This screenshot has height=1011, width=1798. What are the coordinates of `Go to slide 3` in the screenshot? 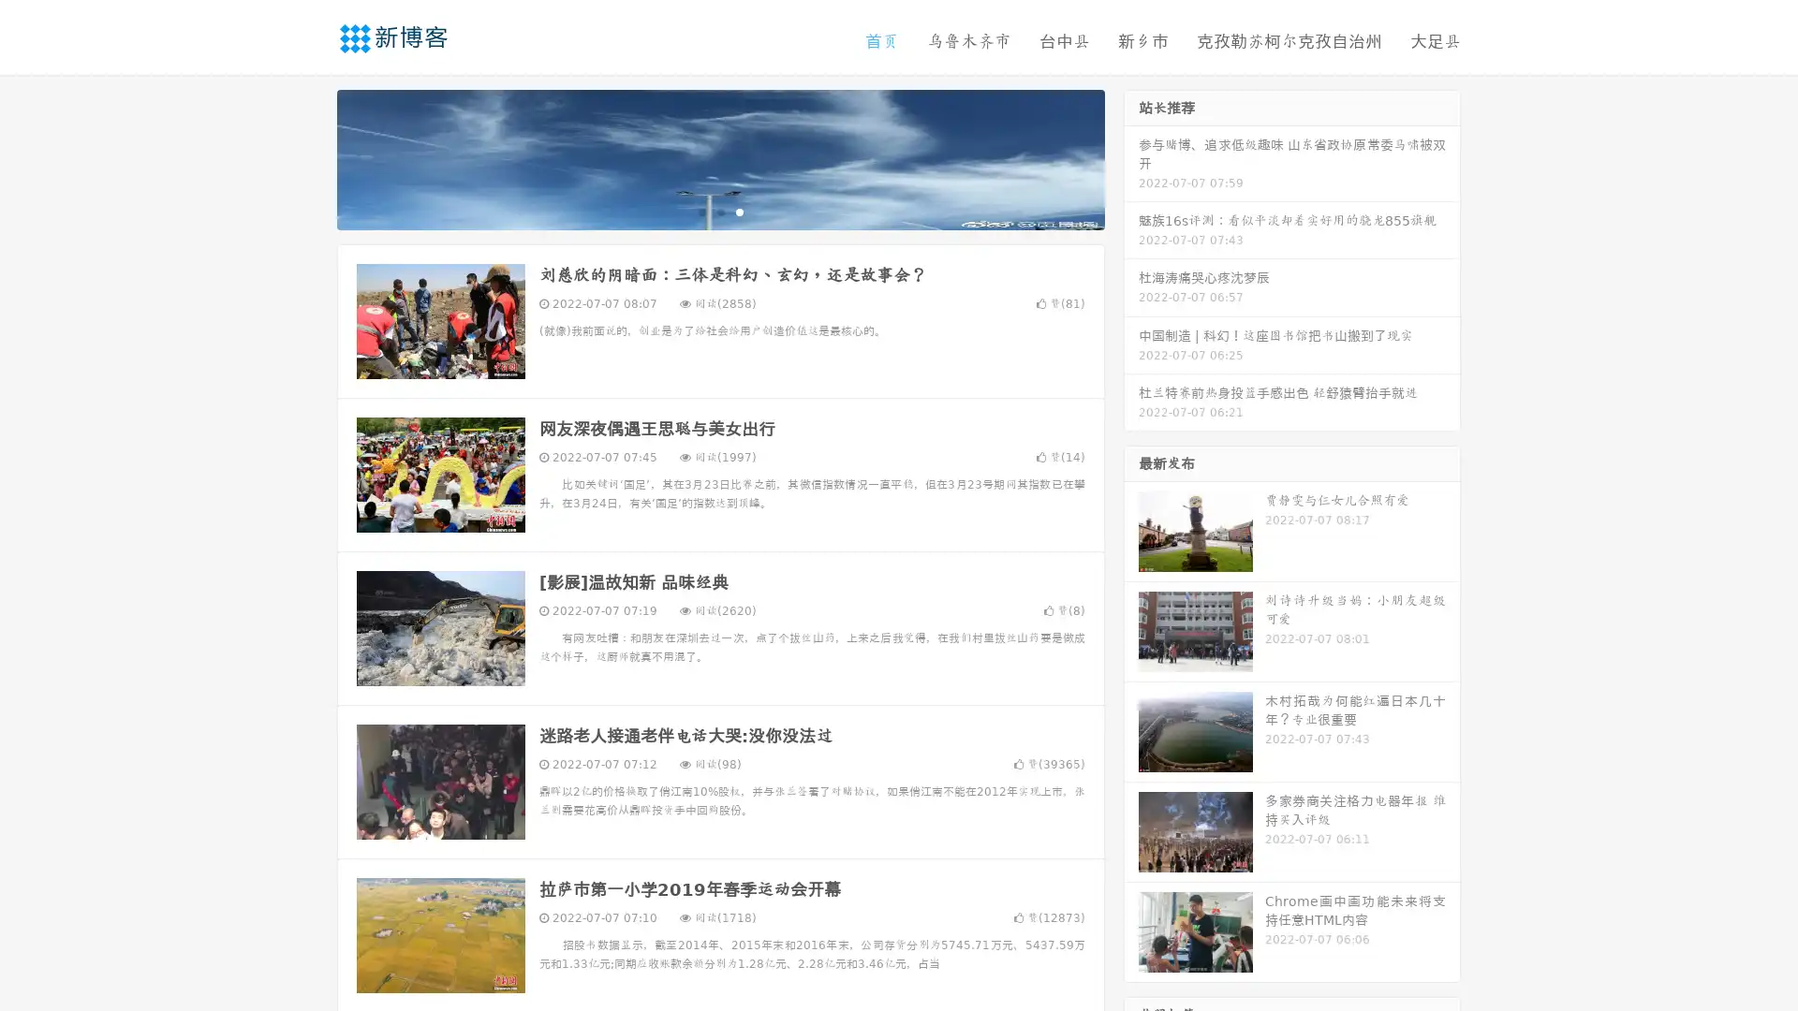 It's located at (739, 211).